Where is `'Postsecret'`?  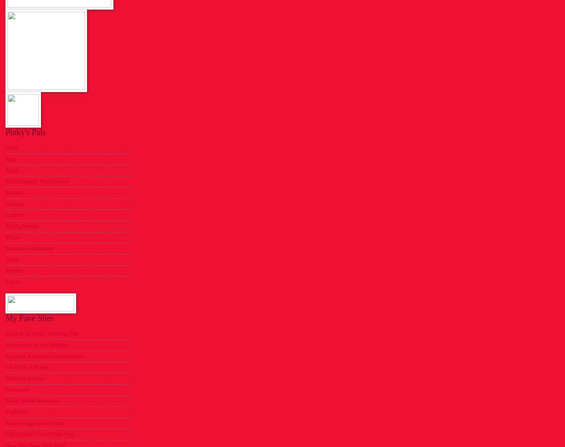
'Postsecret' is located at coordinates (16, 389).